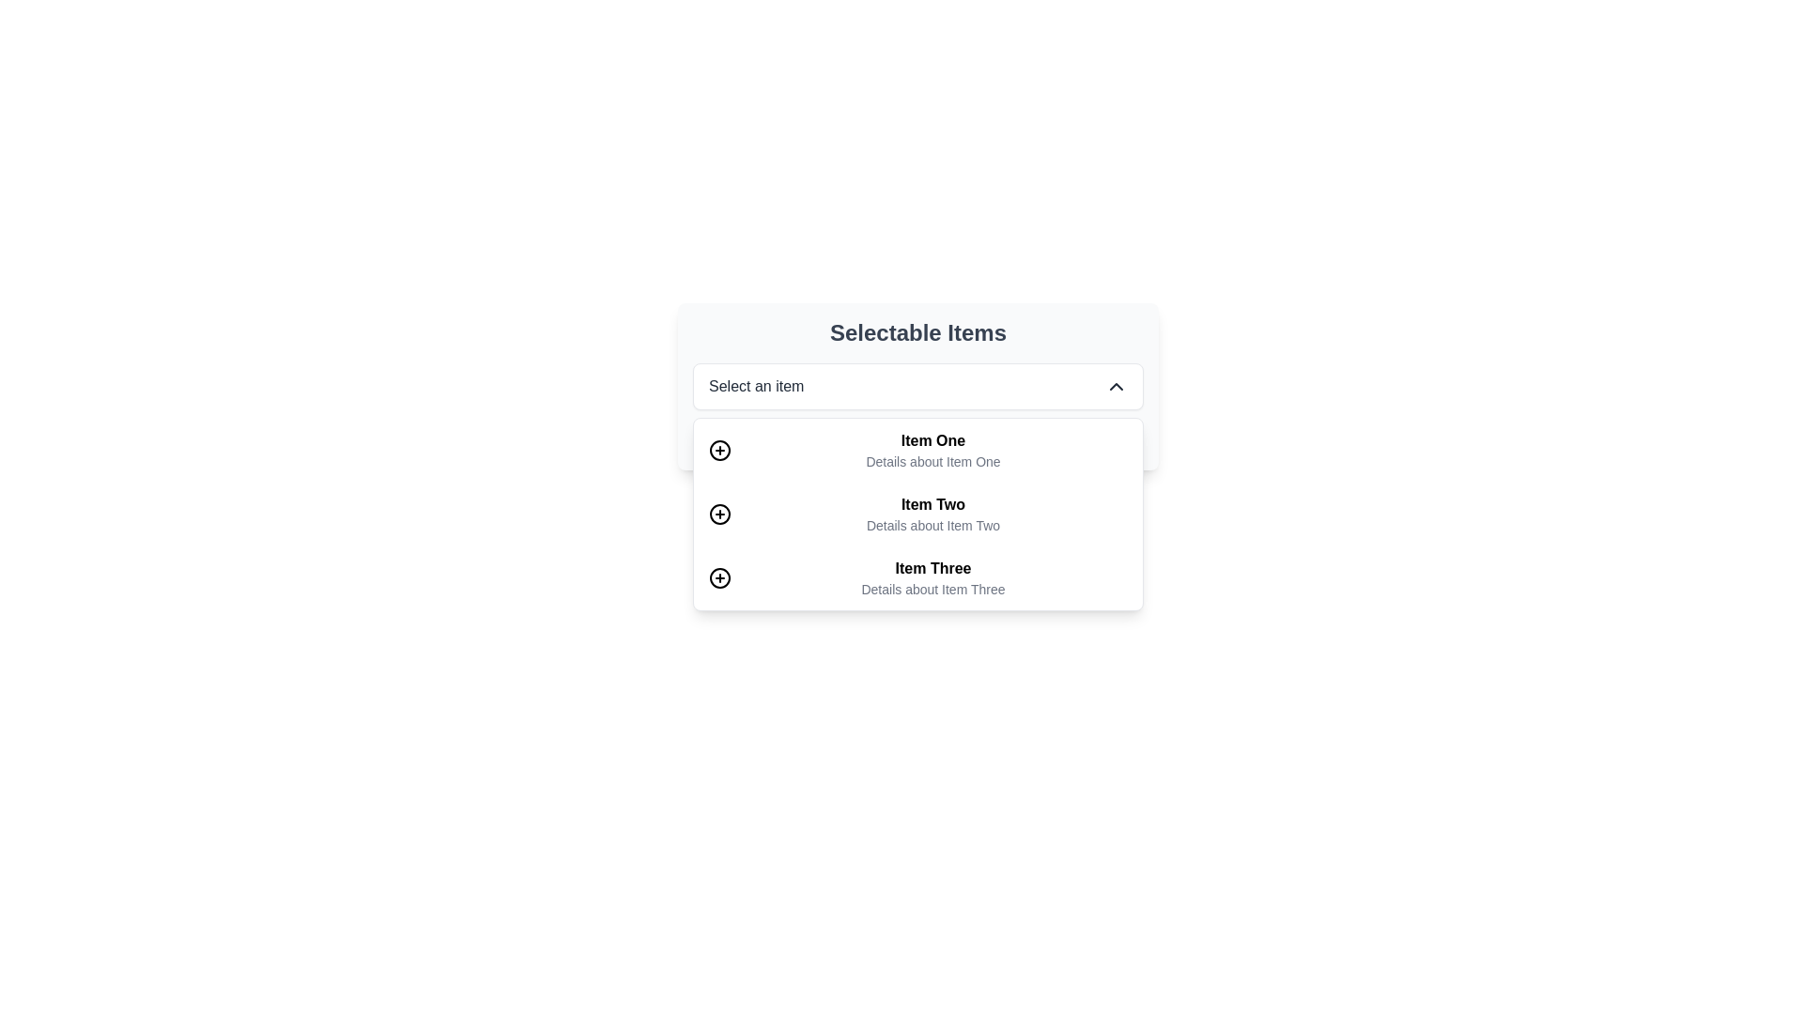  What do you see at coordinates (719, 514) in the screenshot?
I see `the circular icon with a plus symbol located to the left of 'Item Two'` at bounding box center [719, 514].